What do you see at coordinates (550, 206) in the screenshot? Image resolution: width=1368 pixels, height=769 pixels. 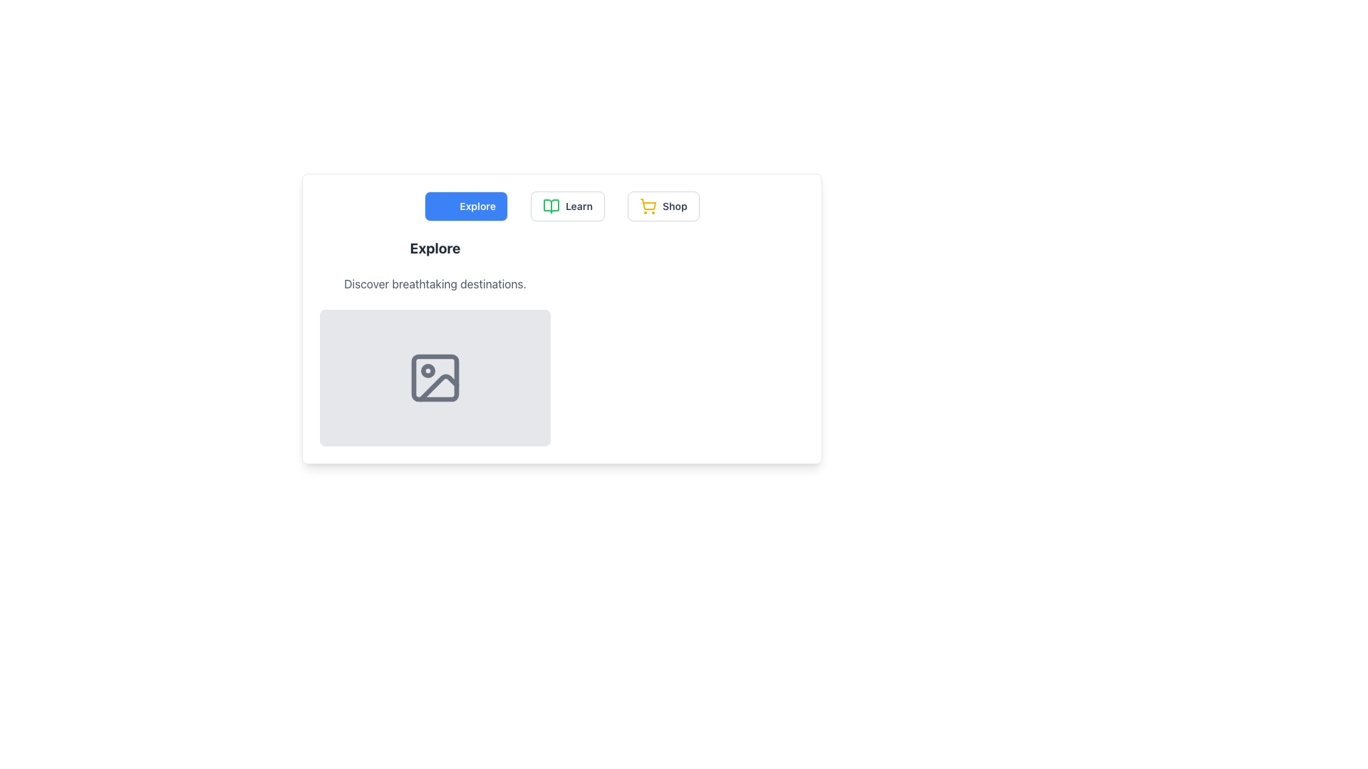 I see `the 'Learn' button icon which is positioned to the left of the text label 'Learn' and is surrounded by the 'Shop' button on the right and the 'Explore' button on the left` at bounding box center [550, 206].